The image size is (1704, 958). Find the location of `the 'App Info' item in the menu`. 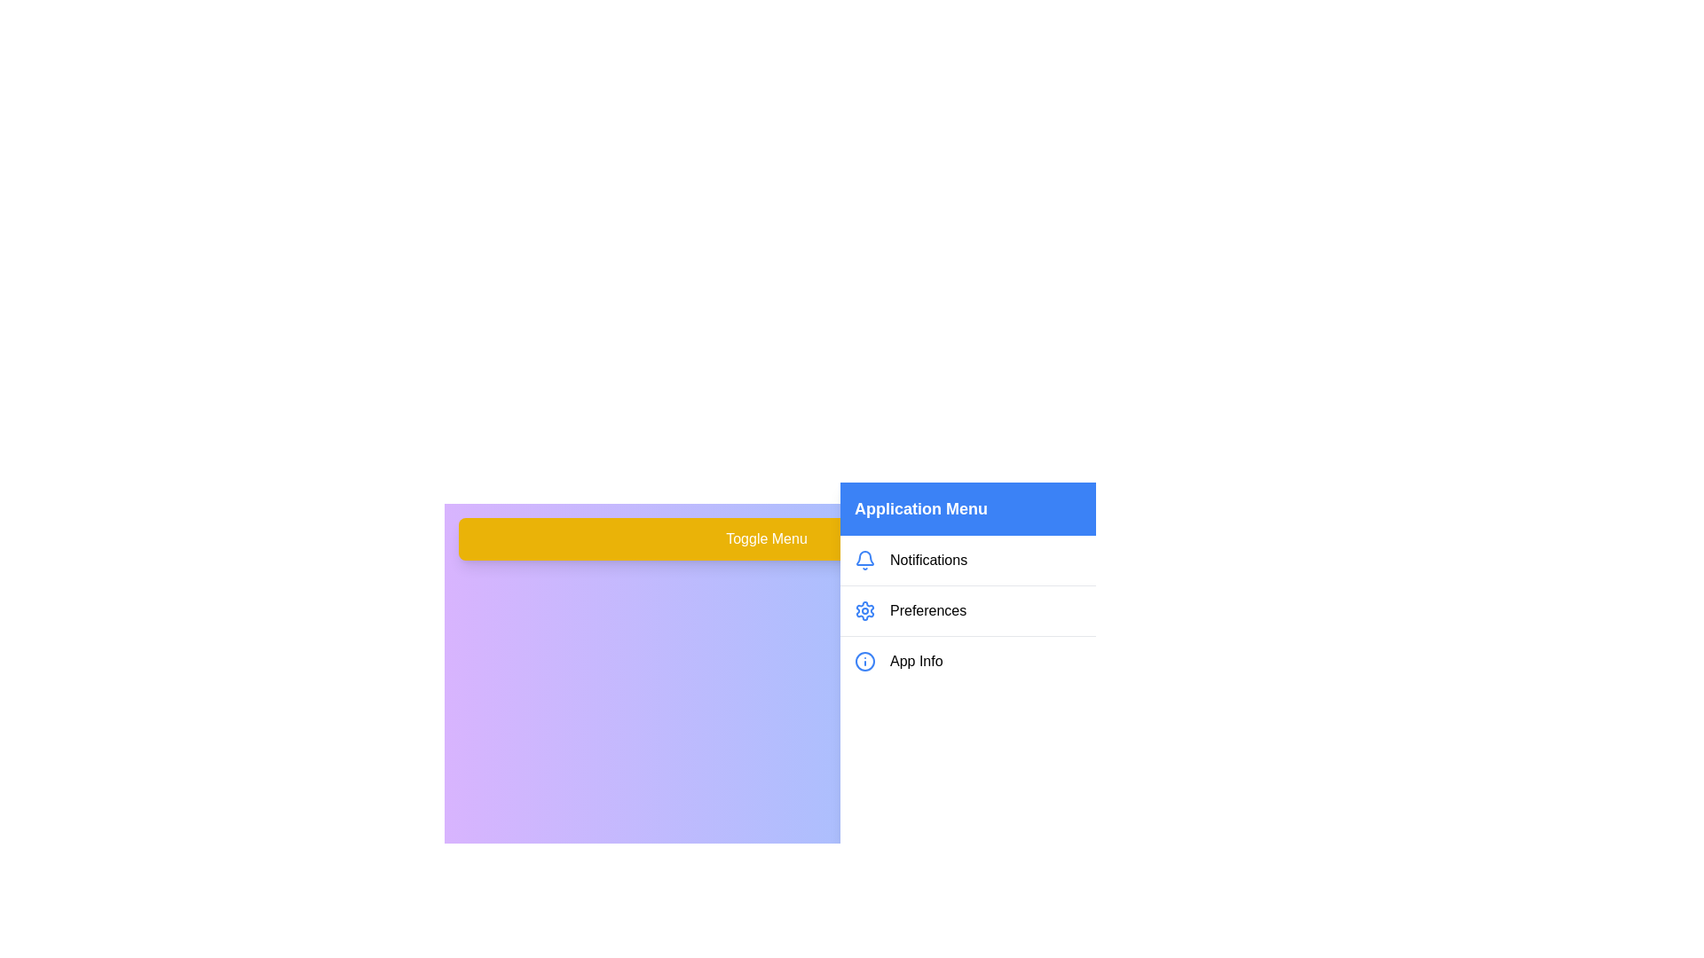

the 'App Info' item in the menu is located at coordinates (966, 661).